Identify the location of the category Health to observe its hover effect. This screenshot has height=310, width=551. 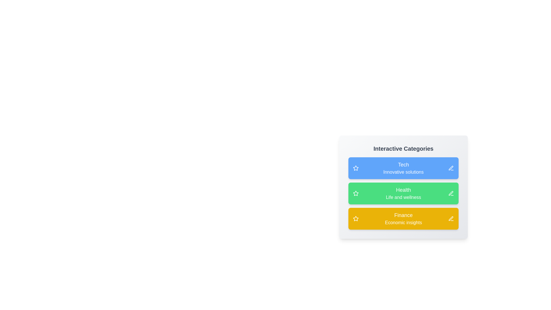
(403, 193).